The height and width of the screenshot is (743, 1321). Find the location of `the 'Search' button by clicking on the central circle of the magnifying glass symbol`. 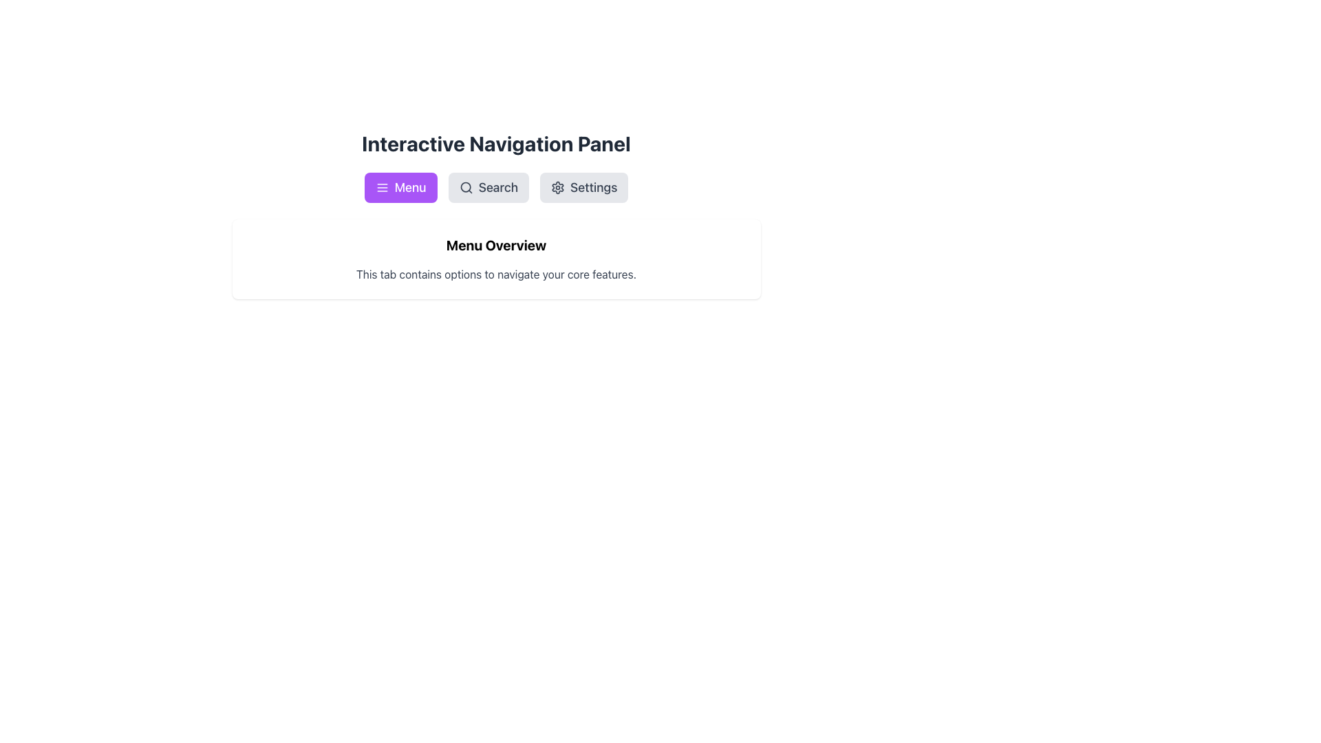

the 'Search' button by clicking on the central circle of the magnifying glass symbol is located at coordinates (465, 187).